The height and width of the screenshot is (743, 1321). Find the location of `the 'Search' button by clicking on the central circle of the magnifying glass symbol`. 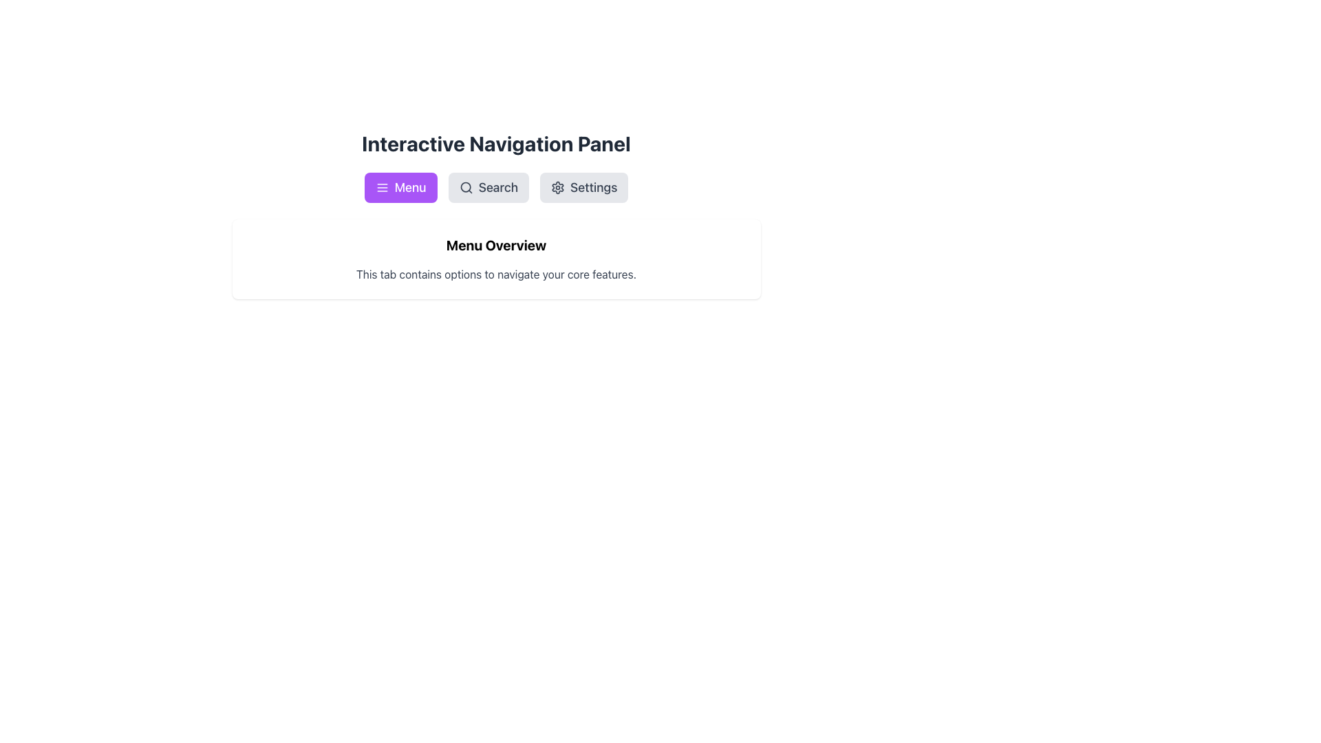

the 'Search' button by clicking on the central circle of the magnifying glass symbol is located at coordinates (465, 187).